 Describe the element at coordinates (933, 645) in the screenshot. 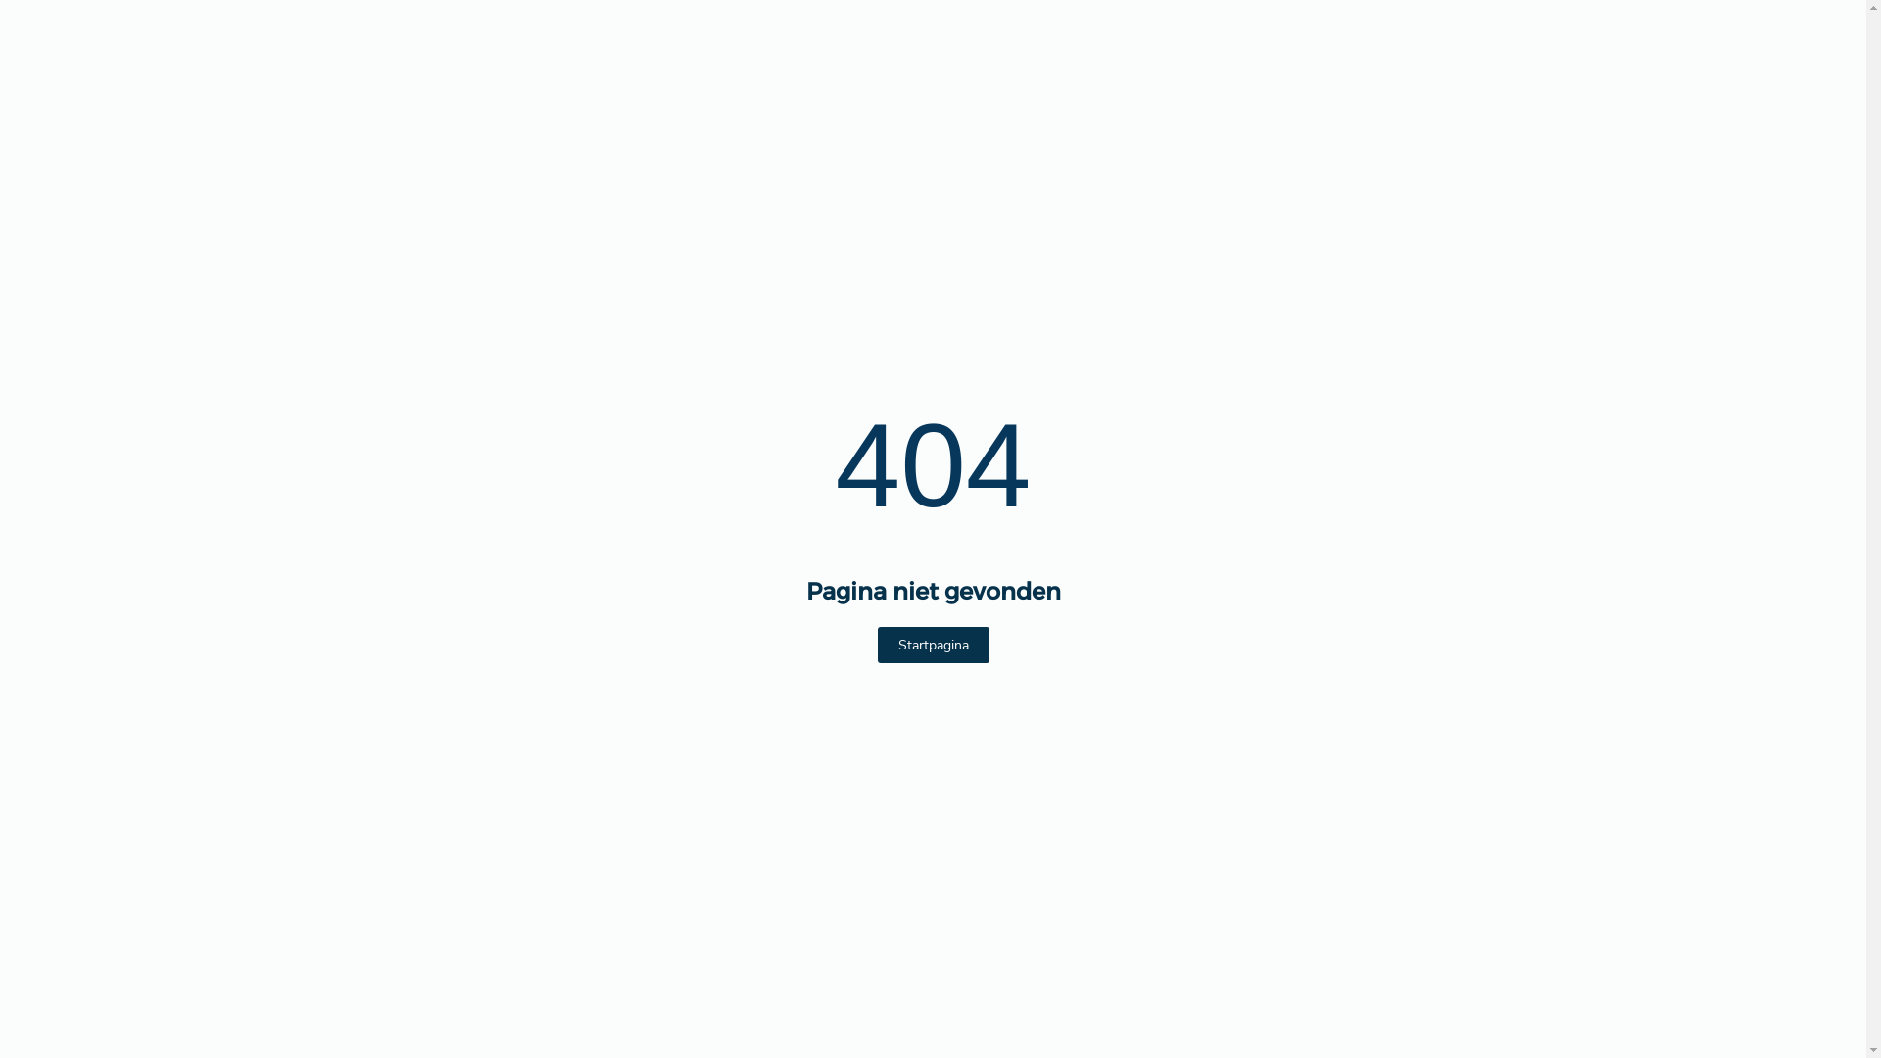

I see `'Startpagina'` at that location.